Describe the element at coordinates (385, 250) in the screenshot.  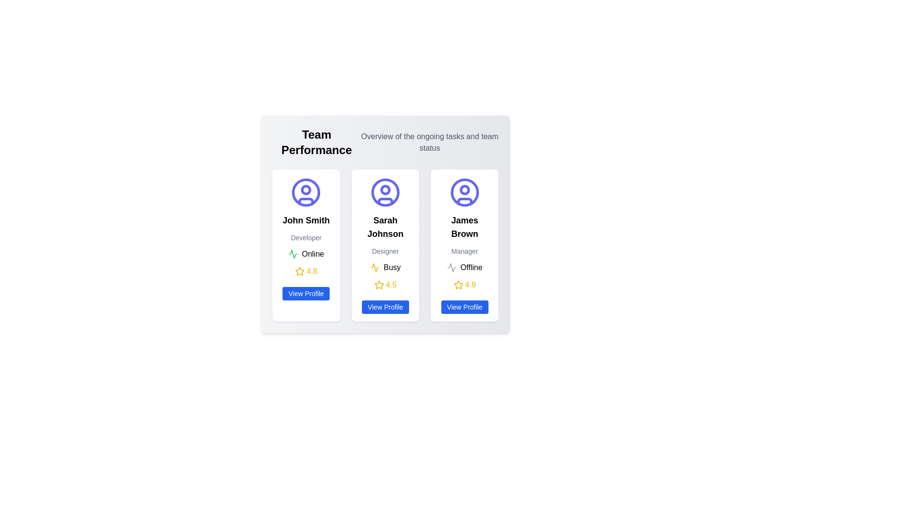
I see `the 'Designer' text label located below the name 'Sarah Johnson' in the profile card` at that location.